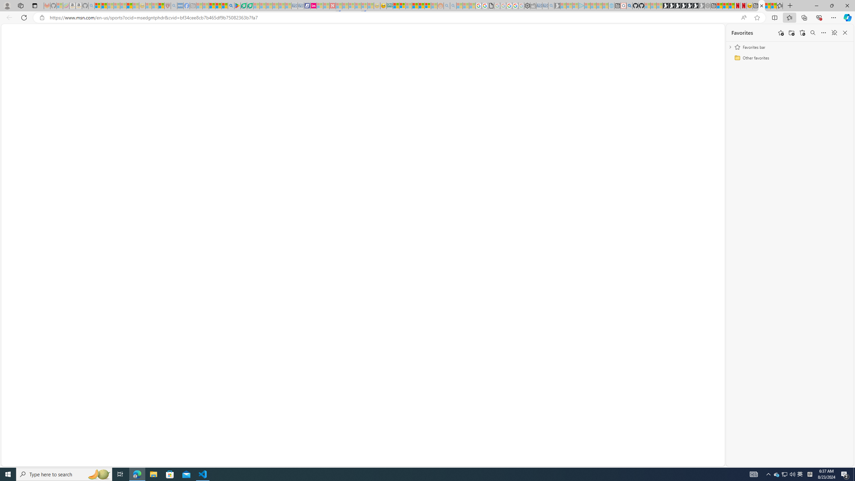 This screenshot has width=855, height=481. What do you see at coordinates (781, 32) in the screenshot?
I see `'Add this page to favorites'` at bounding box center [781, 32].